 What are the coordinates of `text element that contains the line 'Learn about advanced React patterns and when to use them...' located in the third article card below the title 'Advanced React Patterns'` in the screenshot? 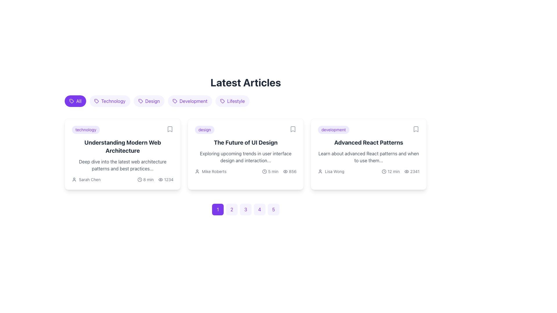 It's located at (368, 157).